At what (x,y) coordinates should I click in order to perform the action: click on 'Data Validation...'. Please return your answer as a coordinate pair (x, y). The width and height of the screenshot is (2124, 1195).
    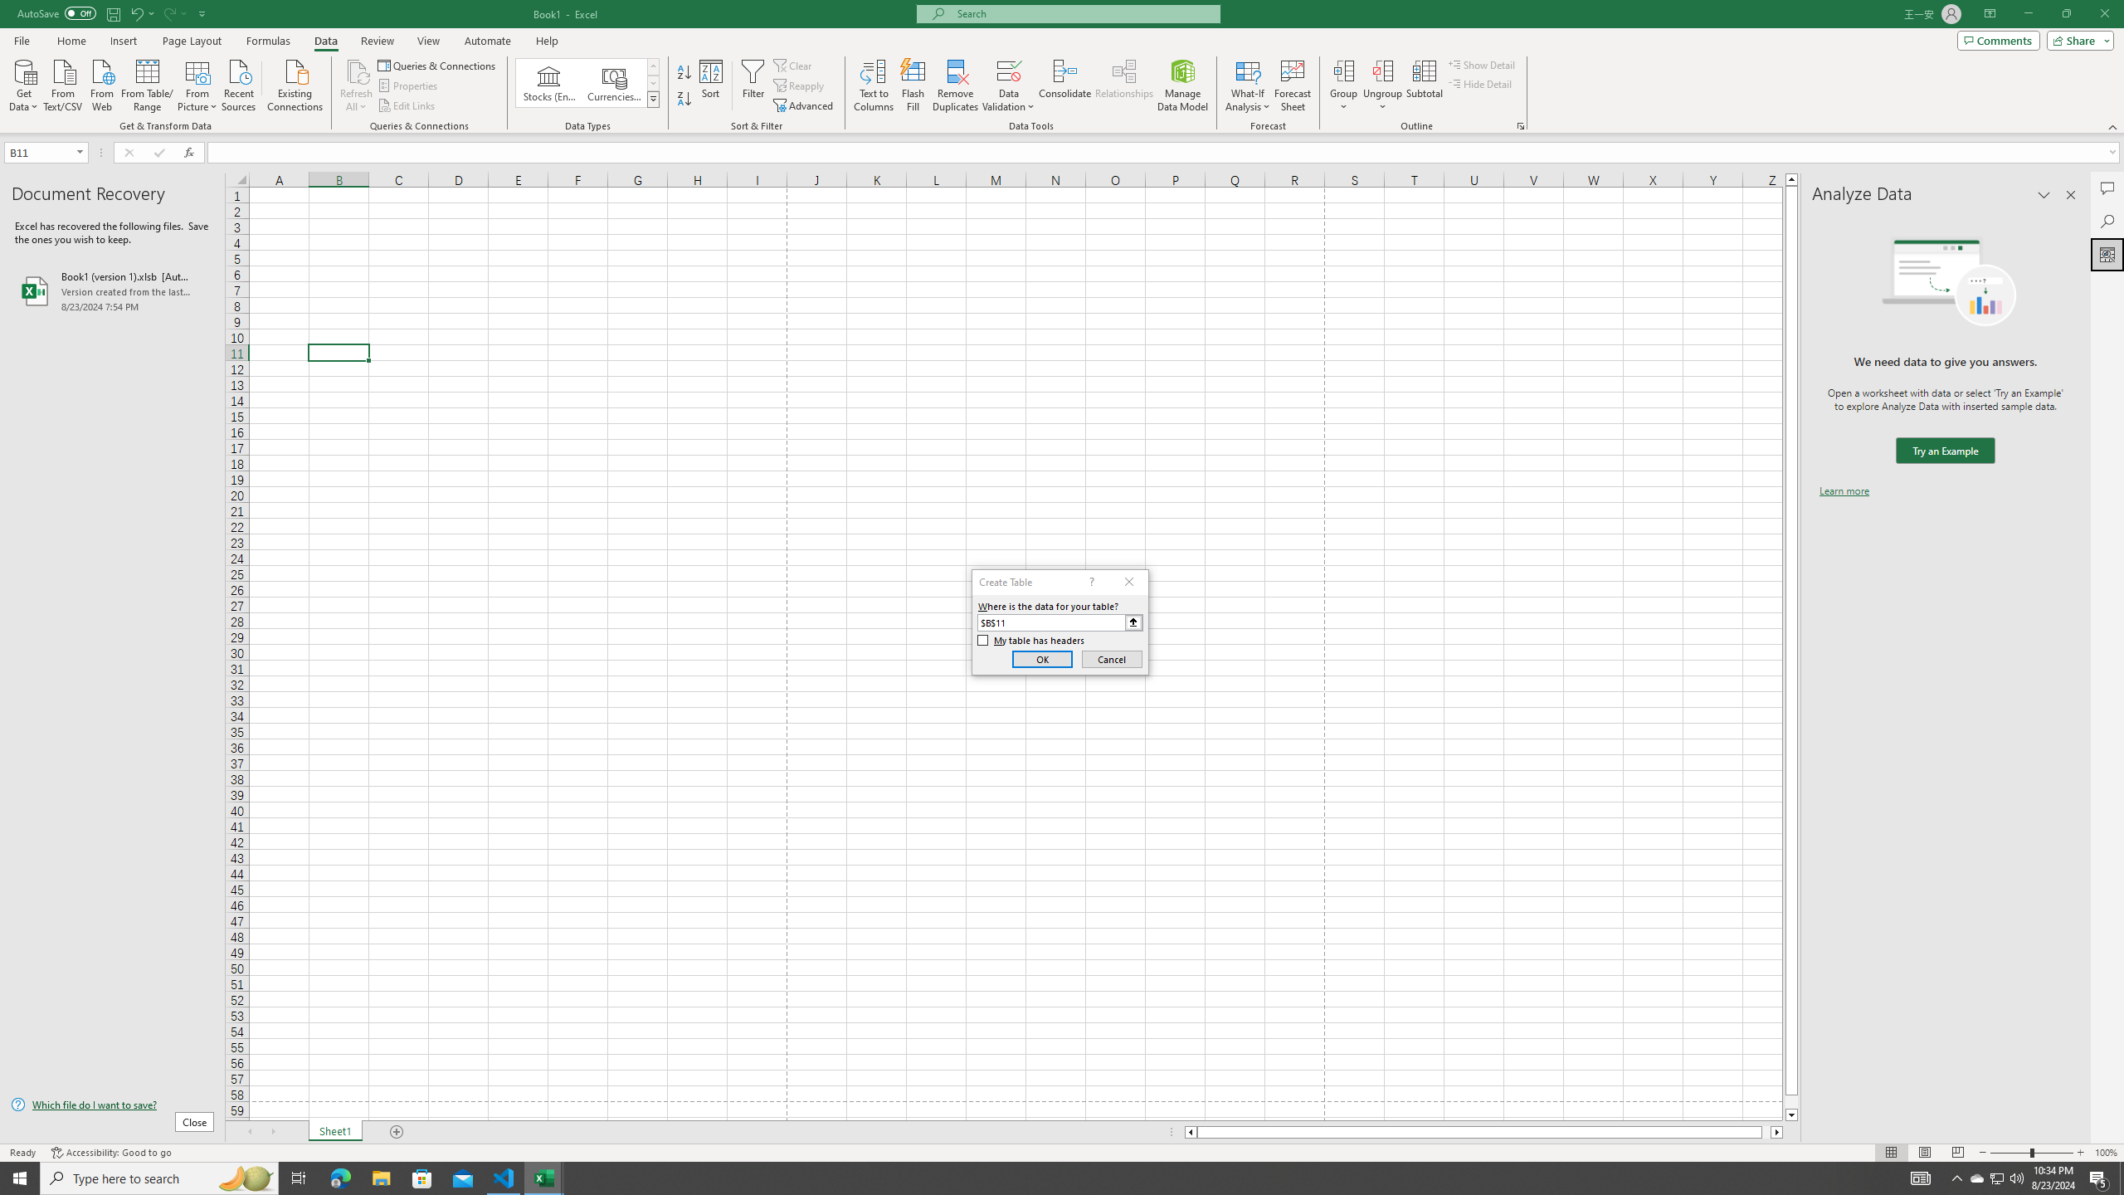
    Looking at the image, I should click on (1008, 70).